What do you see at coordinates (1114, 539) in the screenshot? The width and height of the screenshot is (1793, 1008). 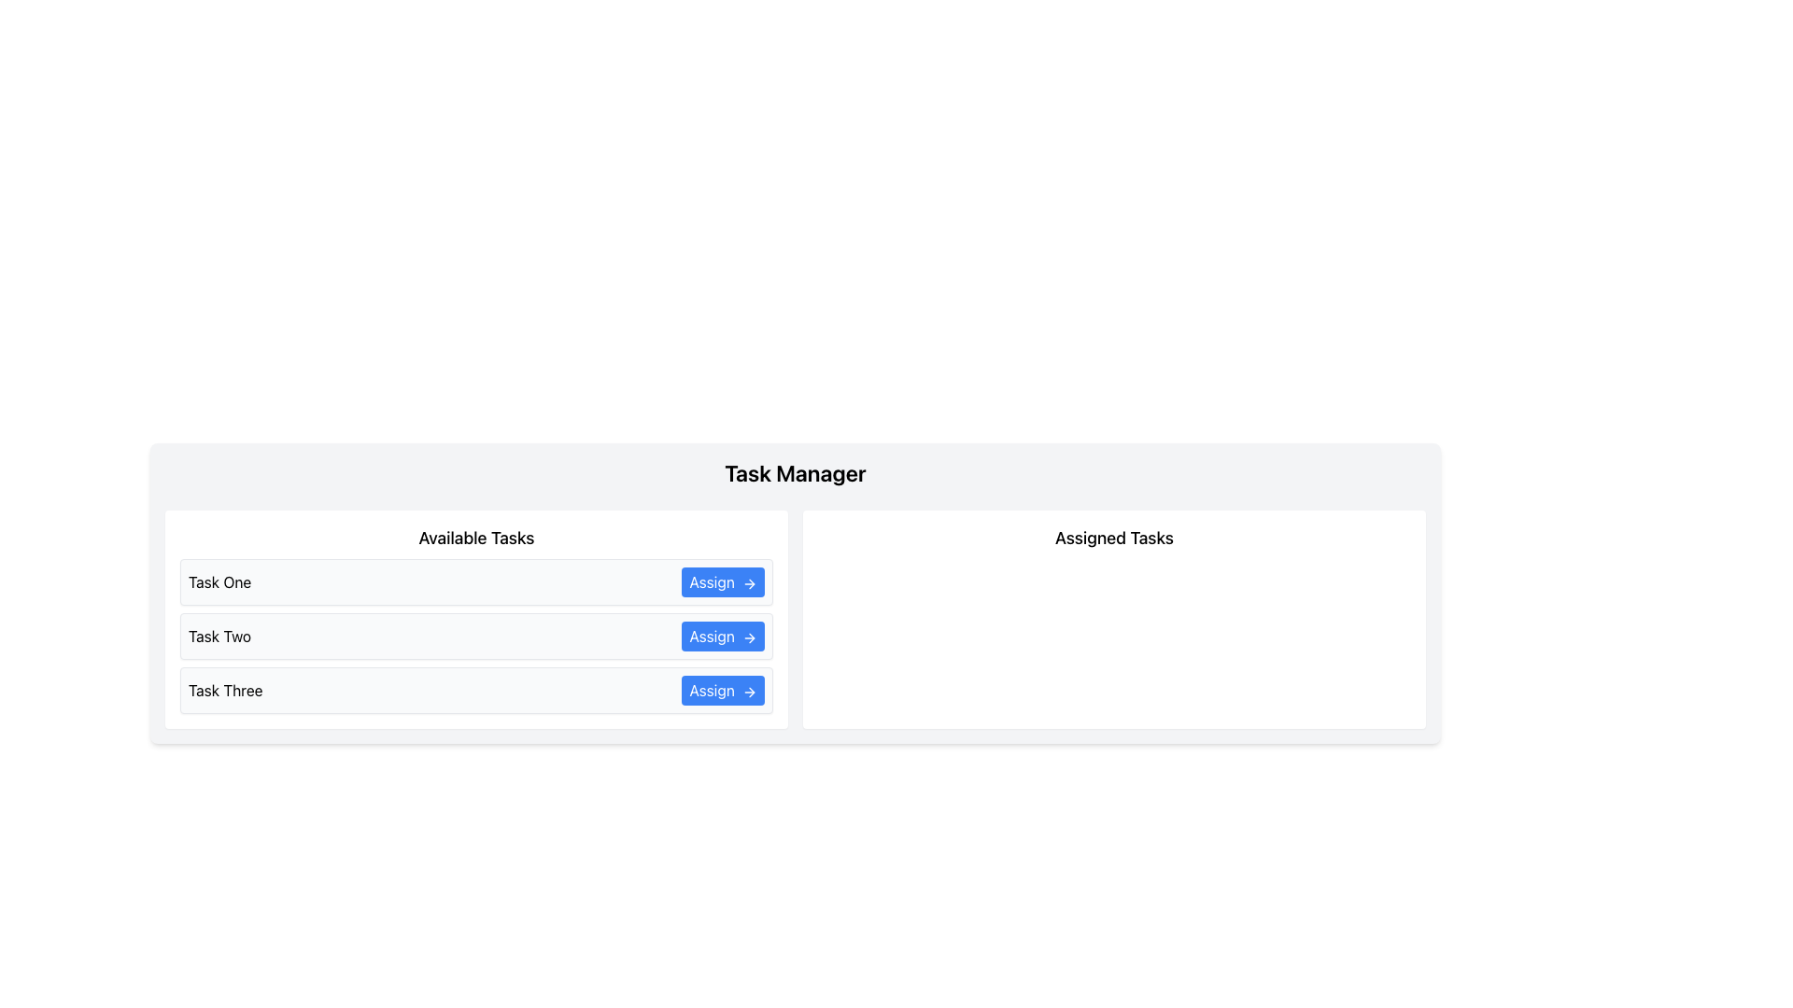 I see `text from the header label indicating 'Assigned Tasks', which is positioned at the top of the right-hand pane of the interface` at bounding box center [1114, 539].